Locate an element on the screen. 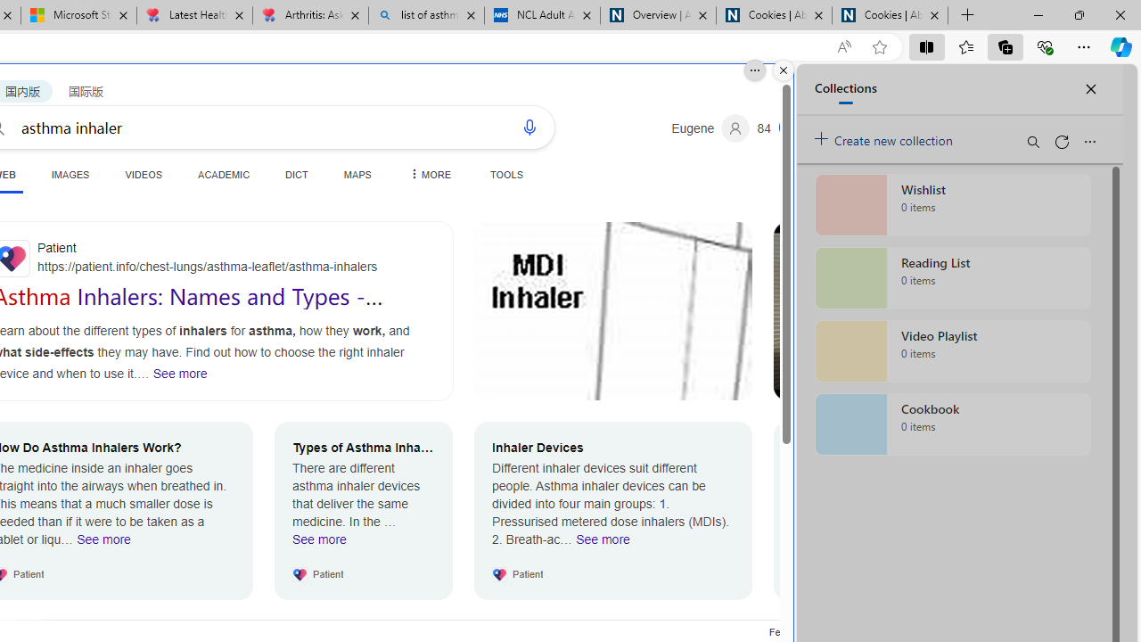 This screenshot has width=1141, height=642. 'MAPS' is located at coordinates (357, 174).